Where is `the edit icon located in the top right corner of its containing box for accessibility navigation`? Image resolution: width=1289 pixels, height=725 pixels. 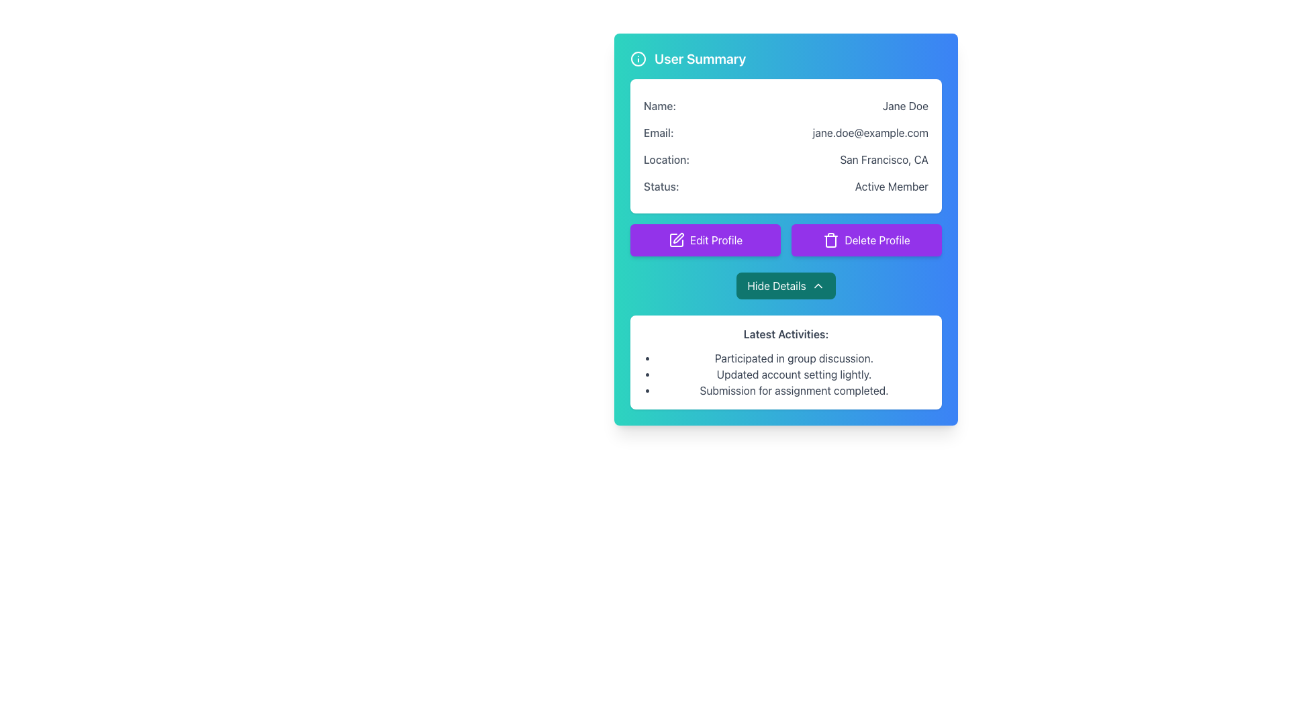 the edit icon located in the top right corner of its containing box for accessibility navigation is located at coordinates (678, 237).